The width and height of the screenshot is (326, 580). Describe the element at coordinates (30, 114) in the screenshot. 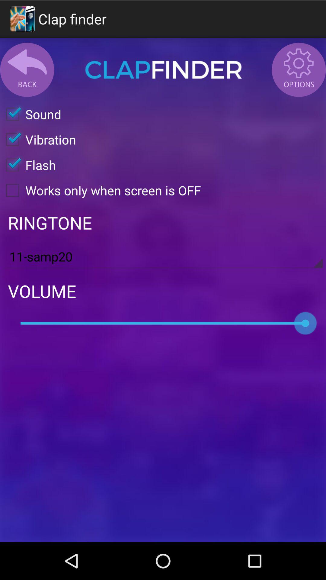

I see `sound icon` at that location.